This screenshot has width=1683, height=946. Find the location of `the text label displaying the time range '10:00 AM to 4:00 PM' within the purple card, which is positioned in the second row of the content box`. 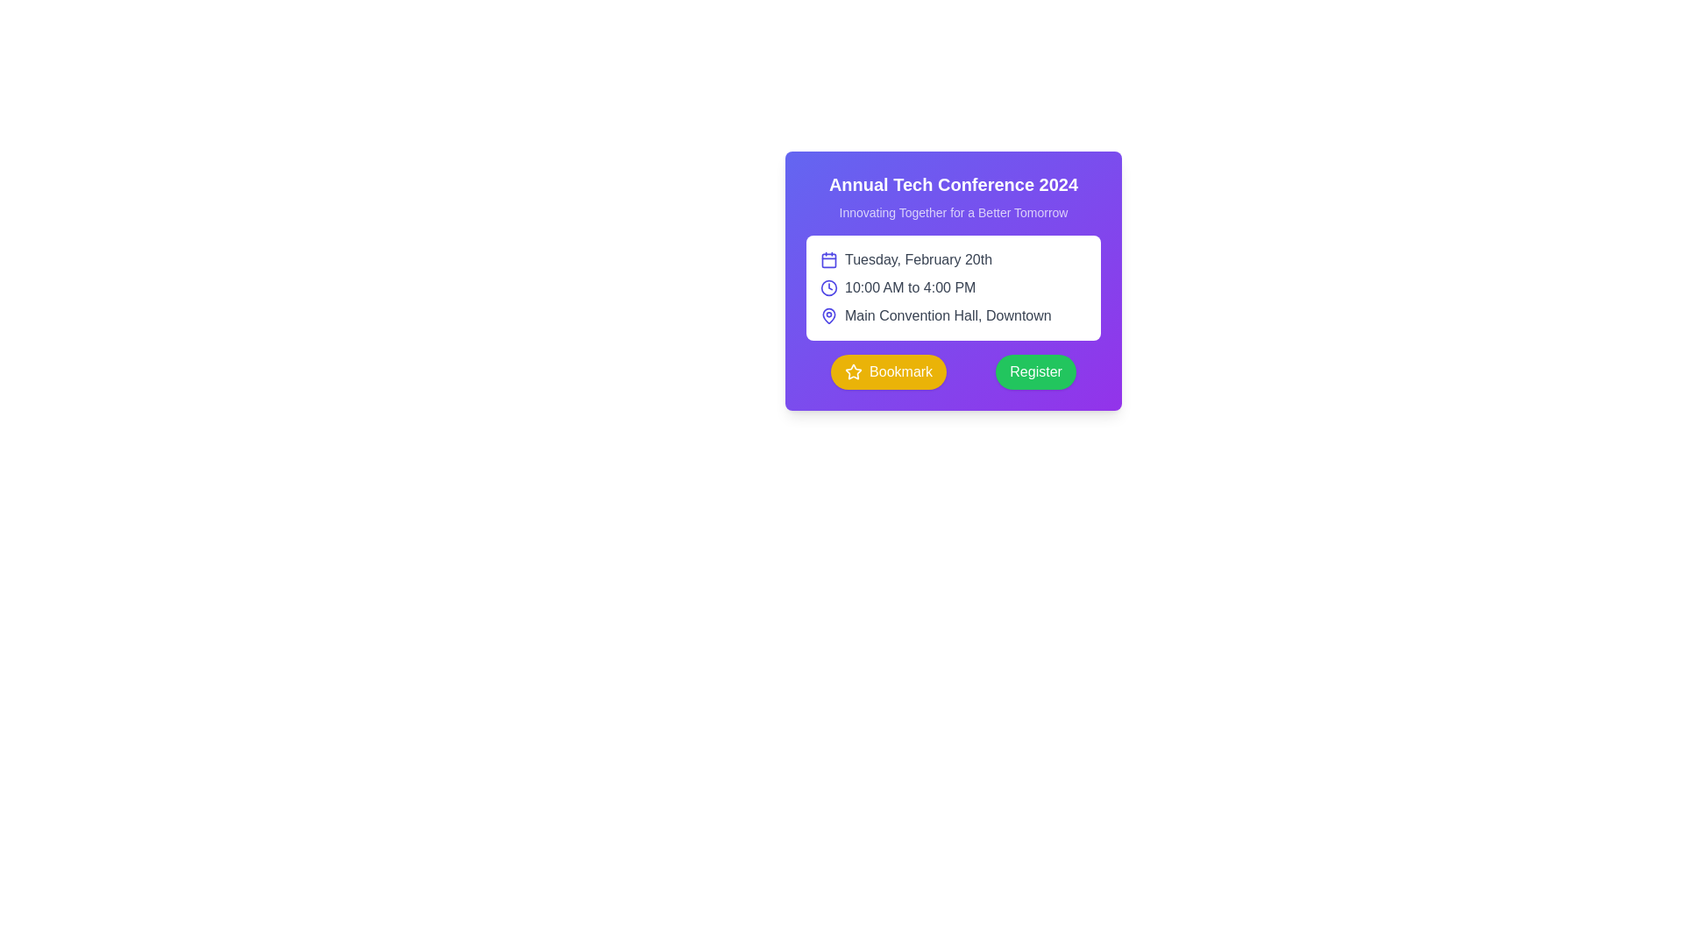

the text label displaying the time range '10:00 AM to 4:00 PM' within the purple card, which is positioned in the second row of the content box is located at coordinates (910, 286).